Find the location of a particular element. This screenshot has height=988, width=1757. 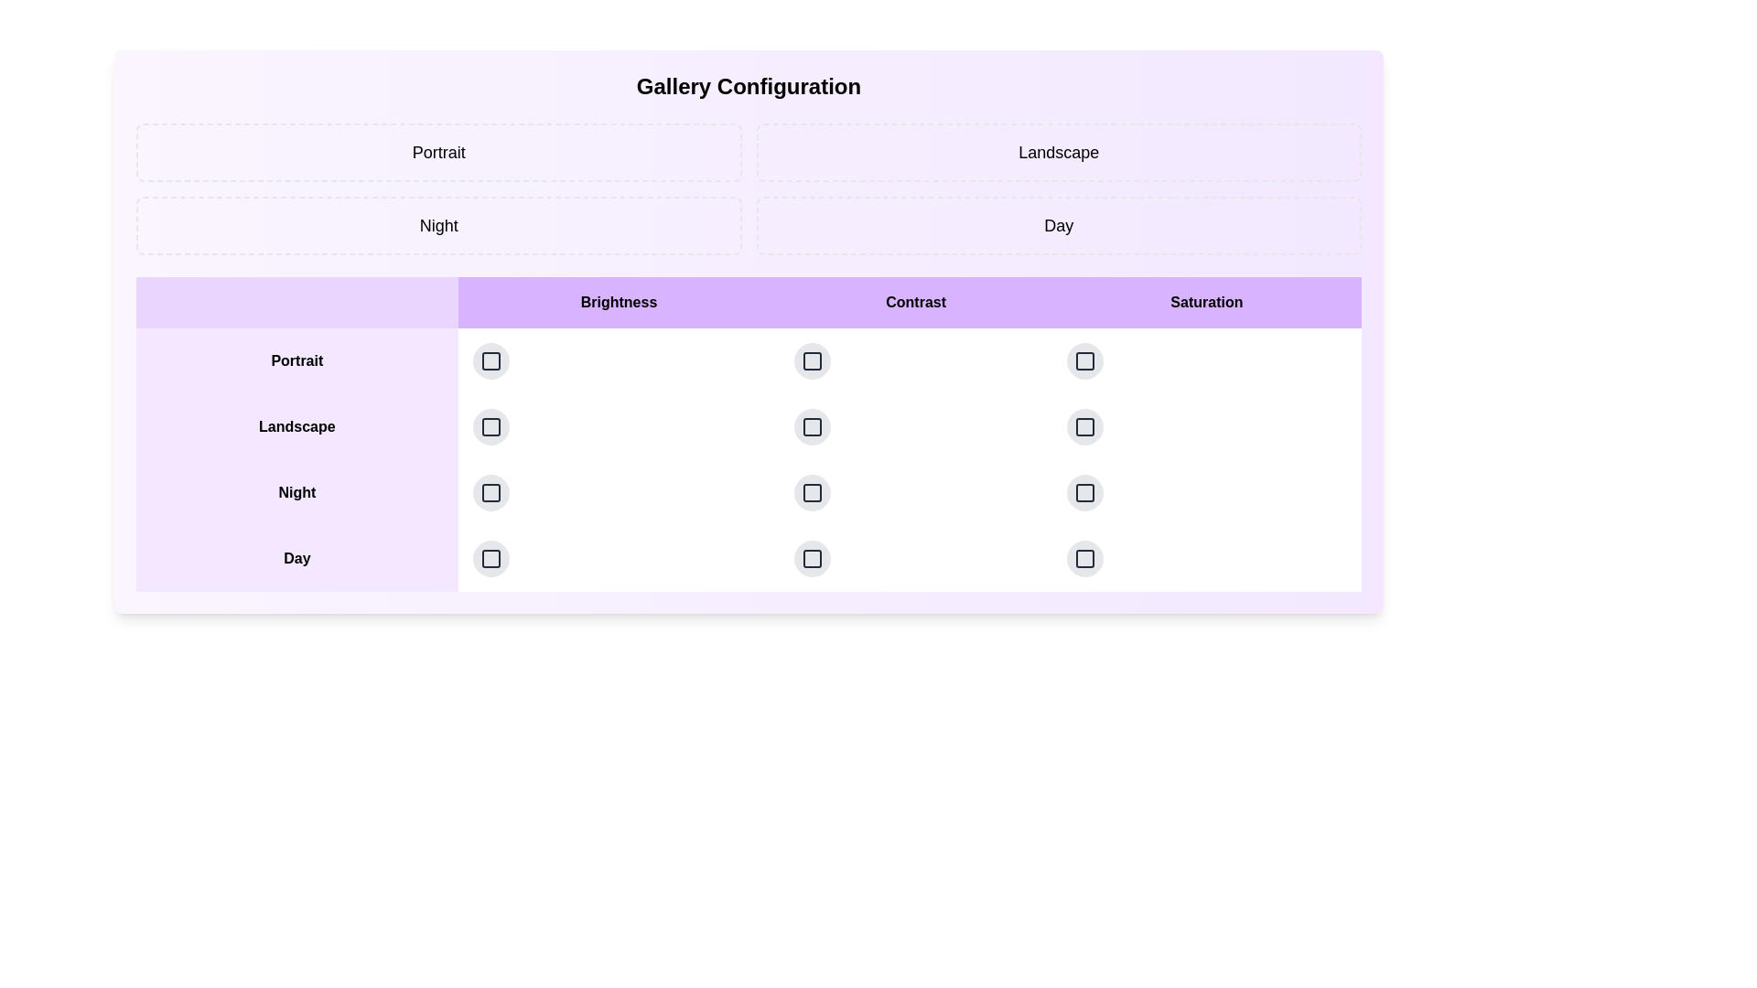

the 'Portrait' text label which is styled with a bold, centered font and located within a dashed-bordered rectangular area in the top-left quadrant of the interface is located at coordinates (437, 151).